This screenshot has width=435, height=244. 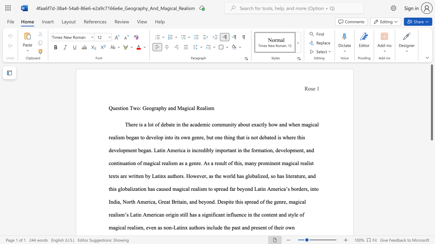 I want to click on the 1th character "n" in the text, so click(x=209, y=215).